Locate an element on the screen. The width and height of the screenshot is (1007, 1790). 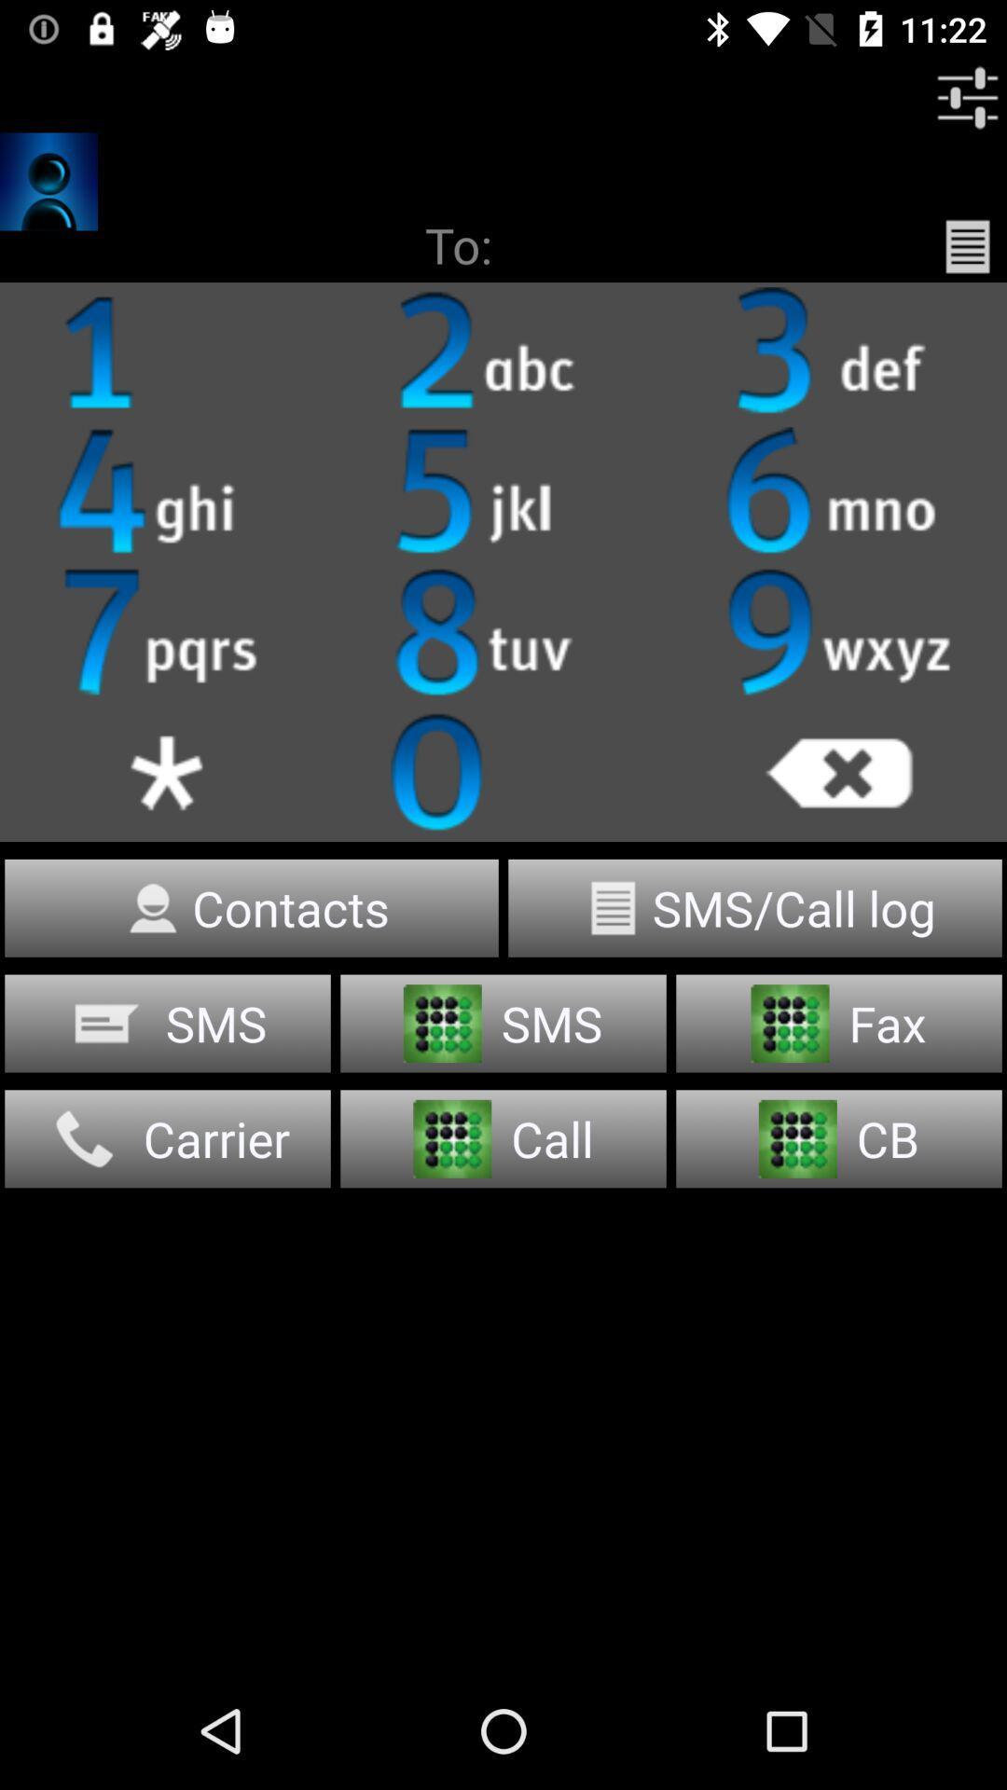
the font icon is located at coordinates (504, 352).